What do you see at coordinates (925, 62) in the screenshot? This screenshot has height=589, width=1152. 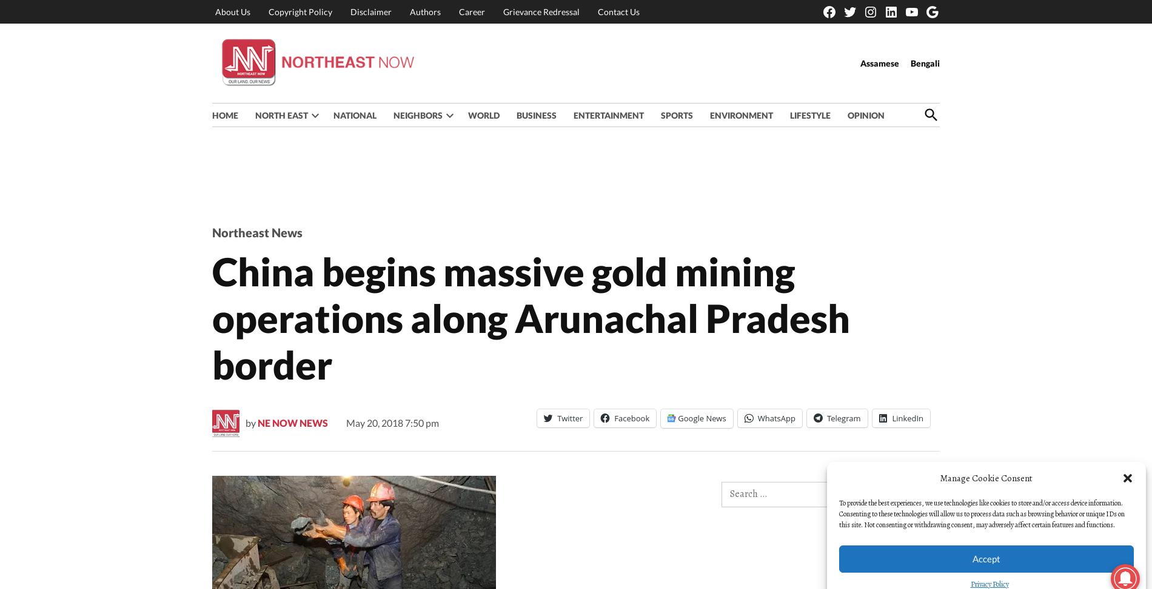 I see `'Bengali'` at bounding box center [925, 62].